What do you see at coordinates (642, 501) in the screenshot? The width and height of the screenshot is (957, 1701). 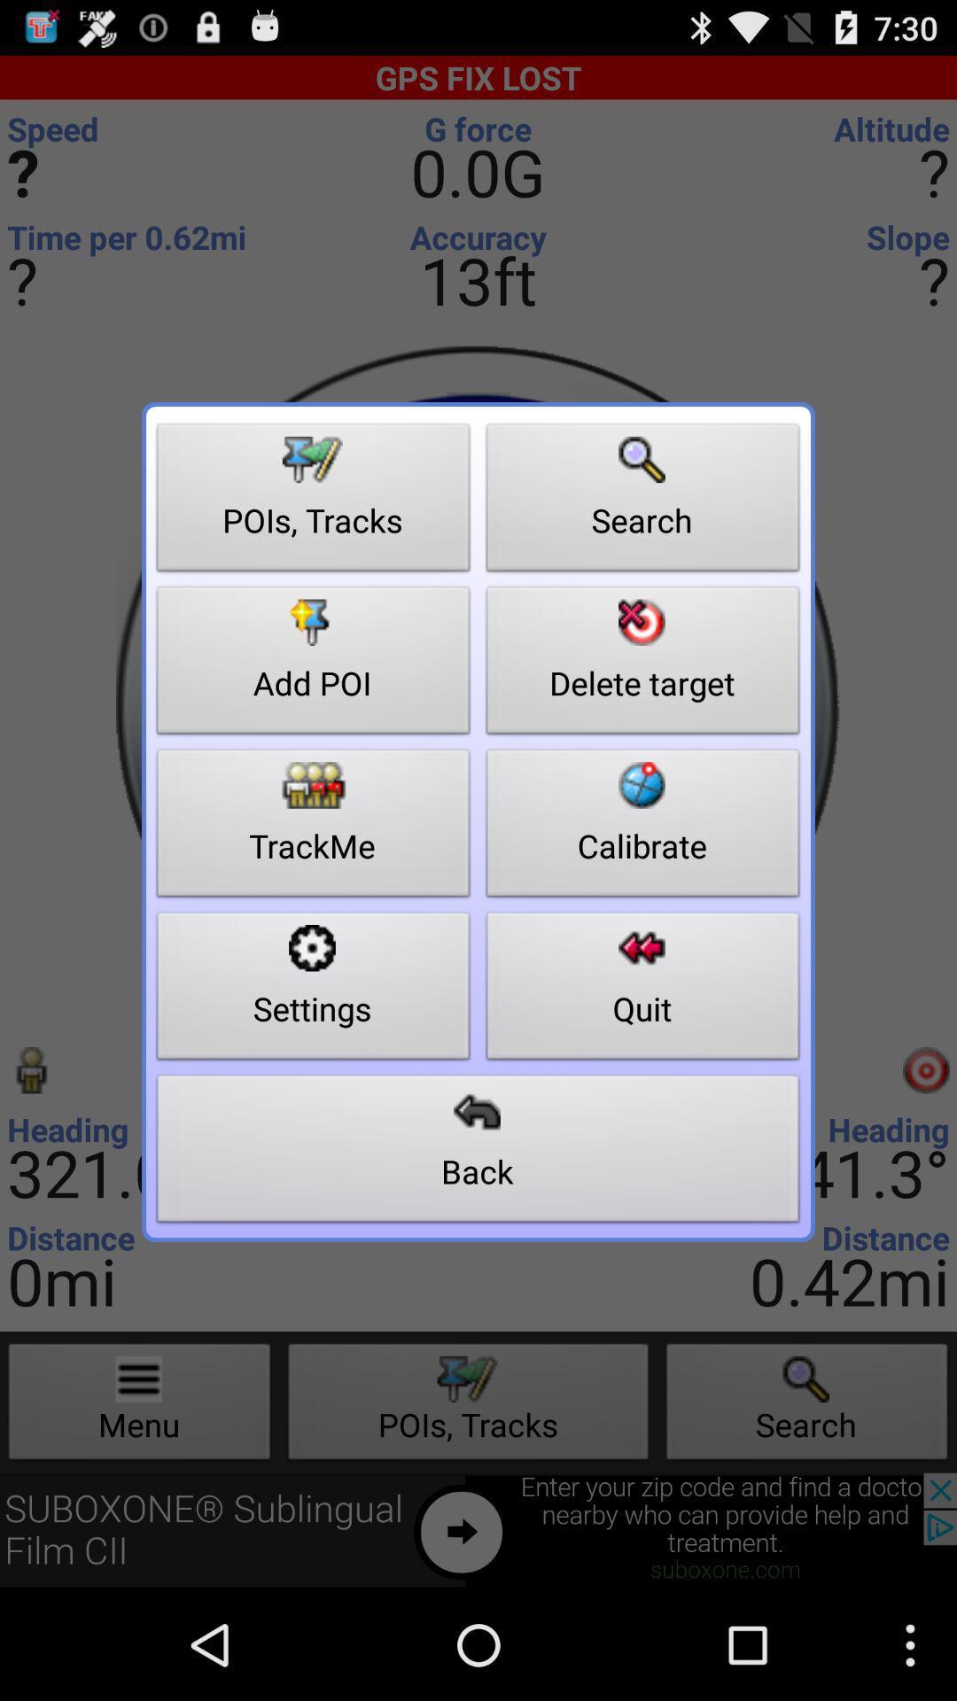 I see `the search` at bounding box center [642, 501].